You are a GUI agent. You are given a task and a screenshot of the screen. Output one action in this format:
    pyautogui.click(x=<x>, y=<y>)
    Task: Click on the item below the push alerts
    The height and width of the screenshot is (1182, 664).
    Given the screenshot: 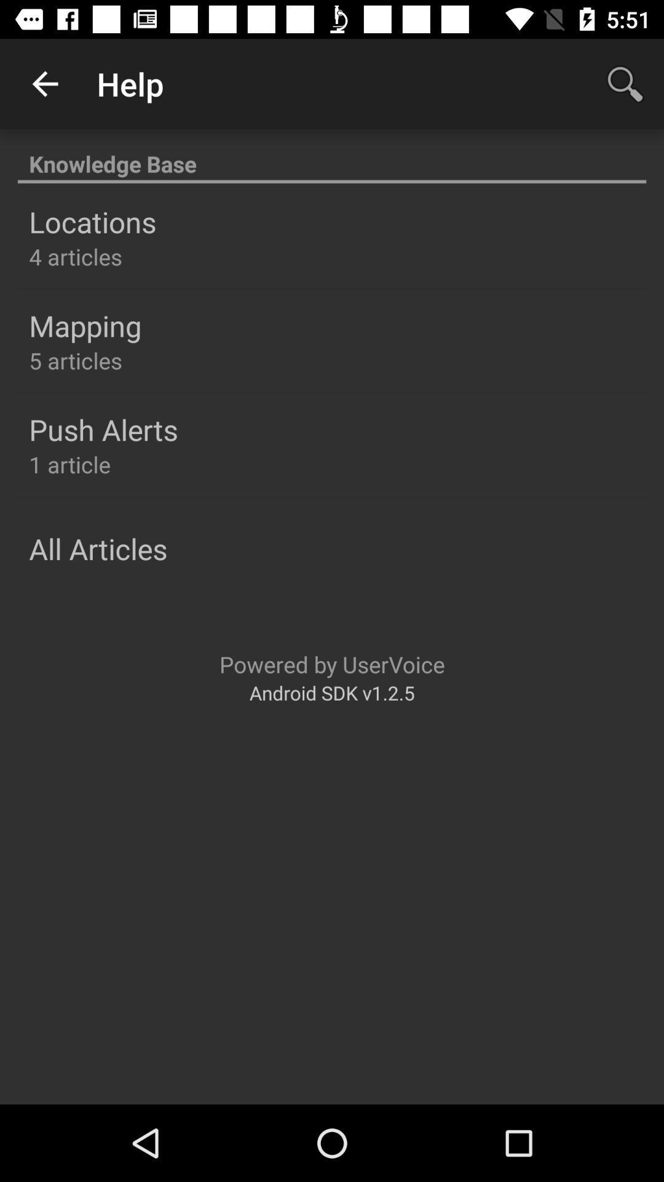 What is the action you would take?
    pyautogui.click(x=69, y=464)
    